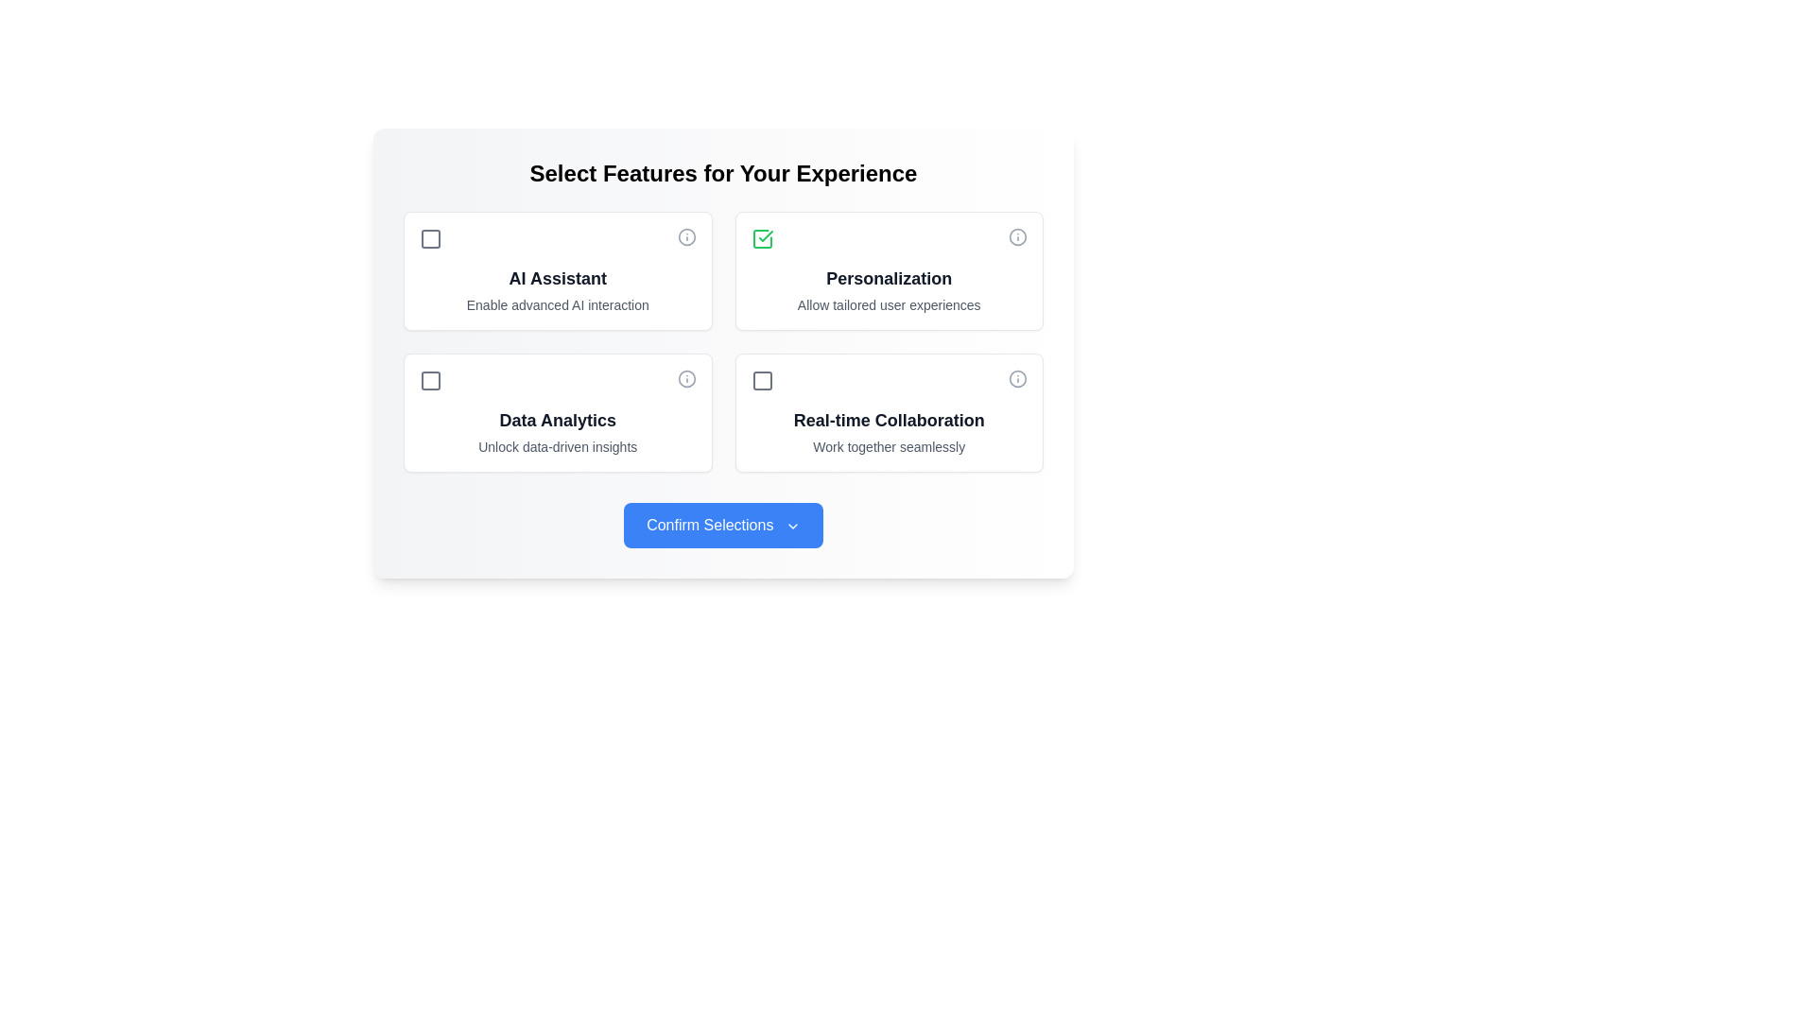 The width and height of the screenshot is (1815, 1021). I want to click on the checkbox labeled 'Real-time Collaboration', so click(888, 411).